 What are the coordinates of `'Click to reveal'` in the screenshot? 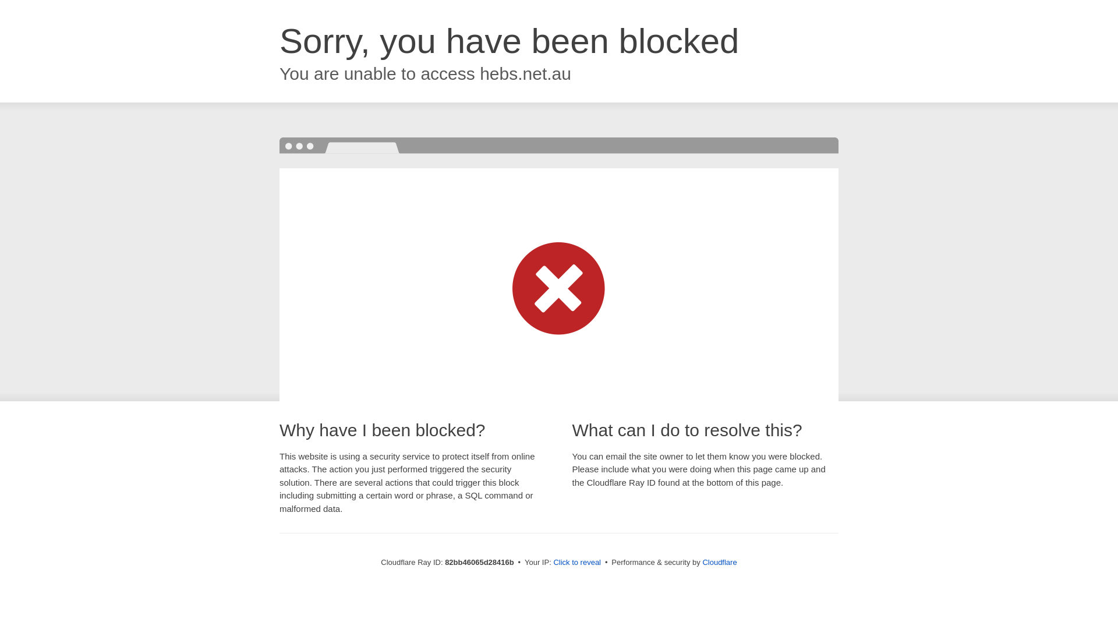 It's located at (576, 561).